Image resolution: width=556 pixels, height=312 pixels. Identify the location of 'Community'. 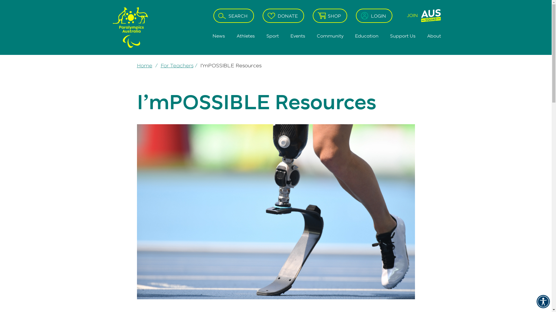
(330, 36).